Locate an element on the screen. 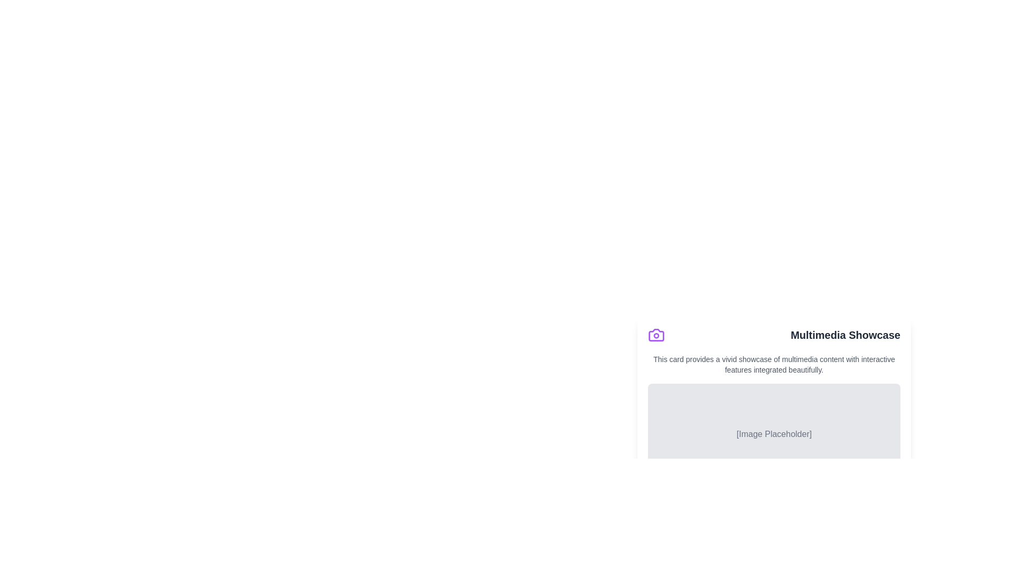 Image resolution: width=1014 pixels, height=570 pixels. the purple camera icon representing the outline of the camera's body, located in the top-left corner of the card above the title 'Multimedia Showcase' is located at coordinates (656, 335).